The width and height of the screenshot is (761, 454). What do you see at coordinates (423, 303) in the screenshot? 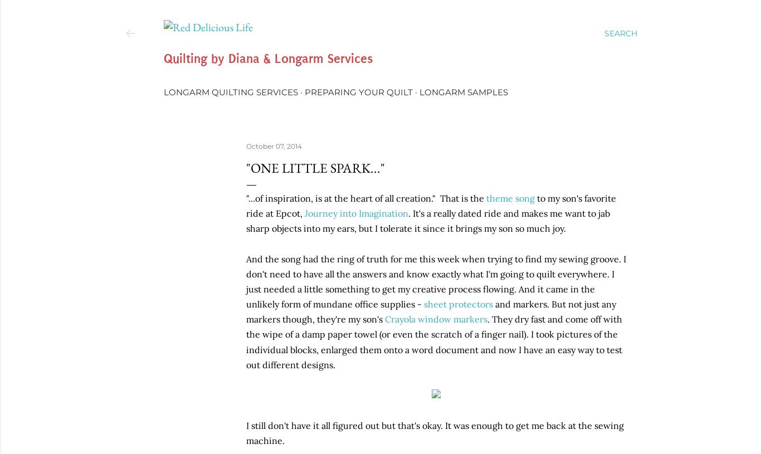
I see `'sheet protectors'` at bounding box center [423, 303].